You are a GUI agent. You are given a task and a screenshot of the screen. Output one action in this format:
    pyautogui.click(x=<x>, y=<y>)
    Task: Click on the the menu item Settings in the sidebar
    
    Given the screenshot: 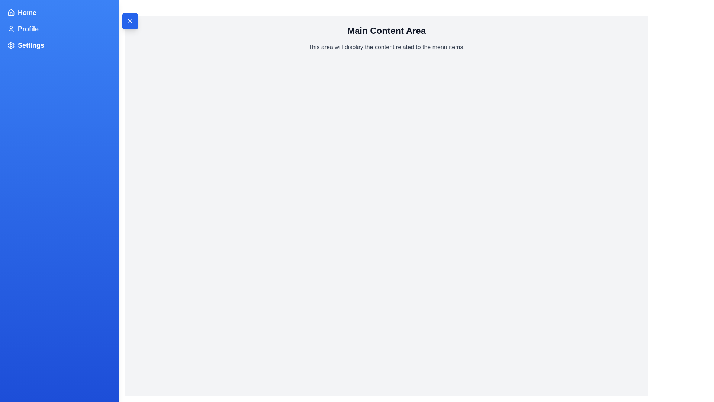 What is the action you would take?
    pyautogui.click(x=59, y=45)
    